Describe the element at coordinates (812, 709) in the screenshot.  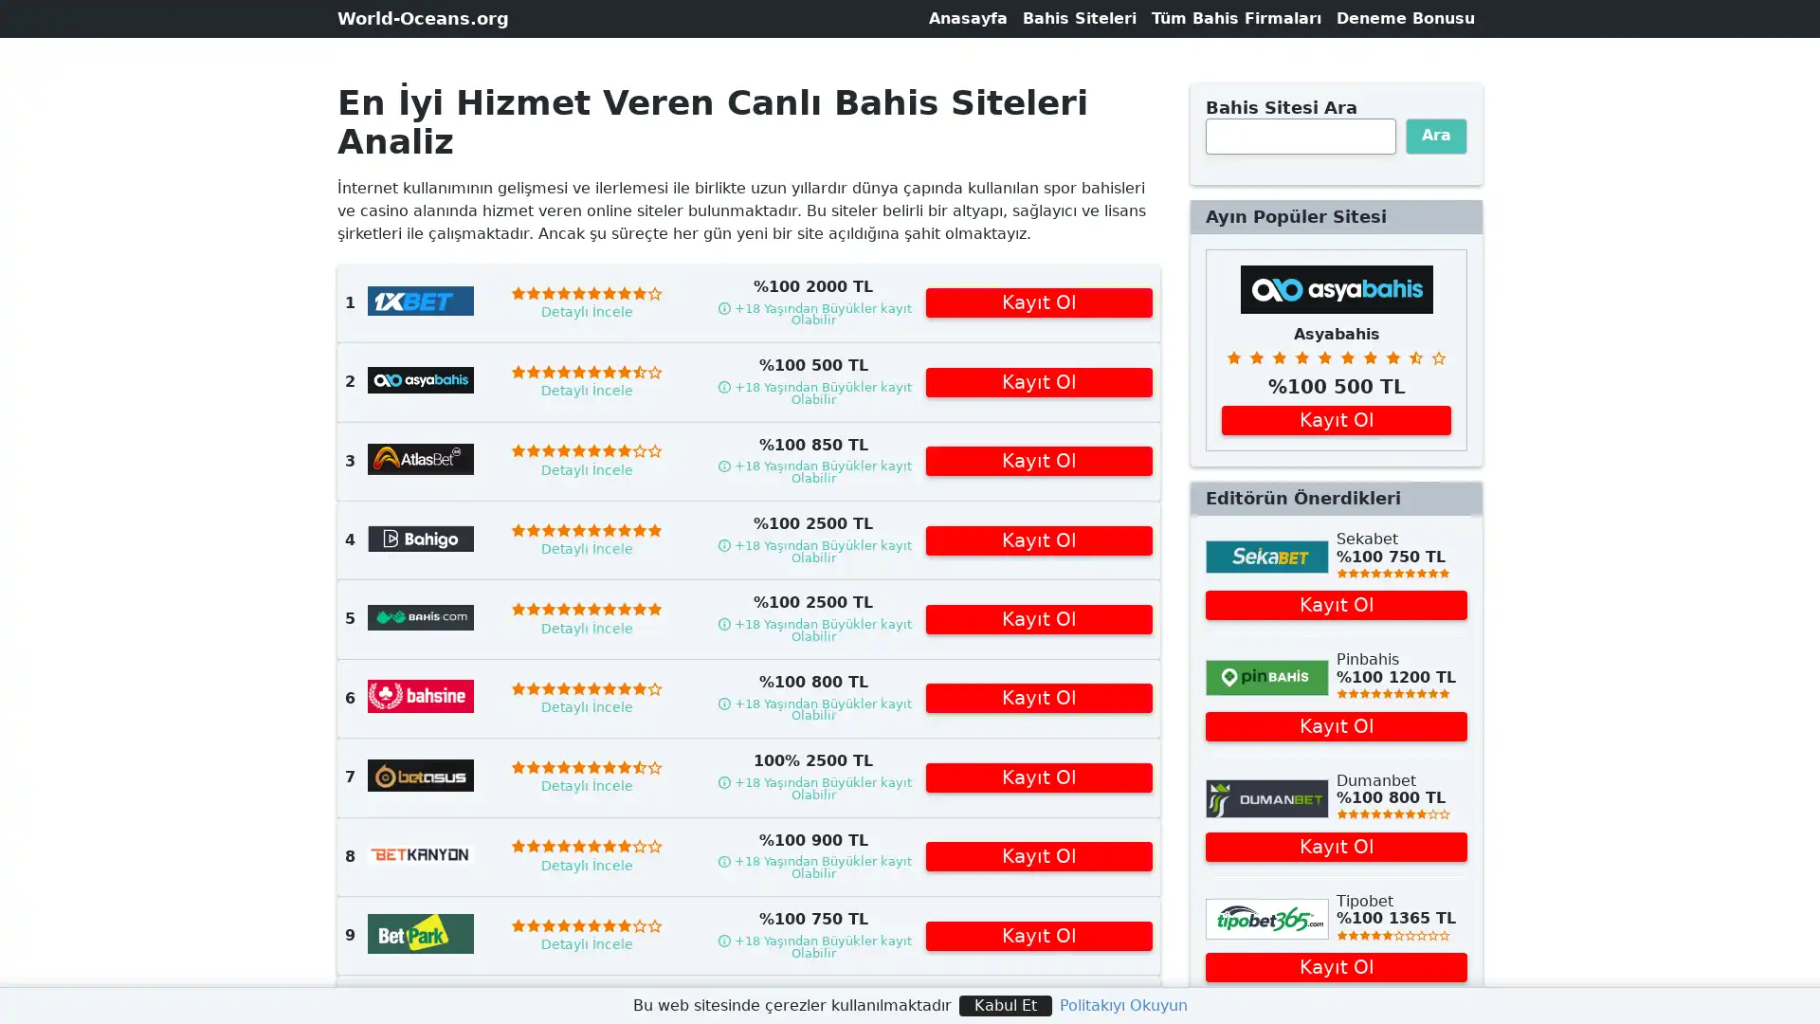
I see `Load terms and conditions` at that location.